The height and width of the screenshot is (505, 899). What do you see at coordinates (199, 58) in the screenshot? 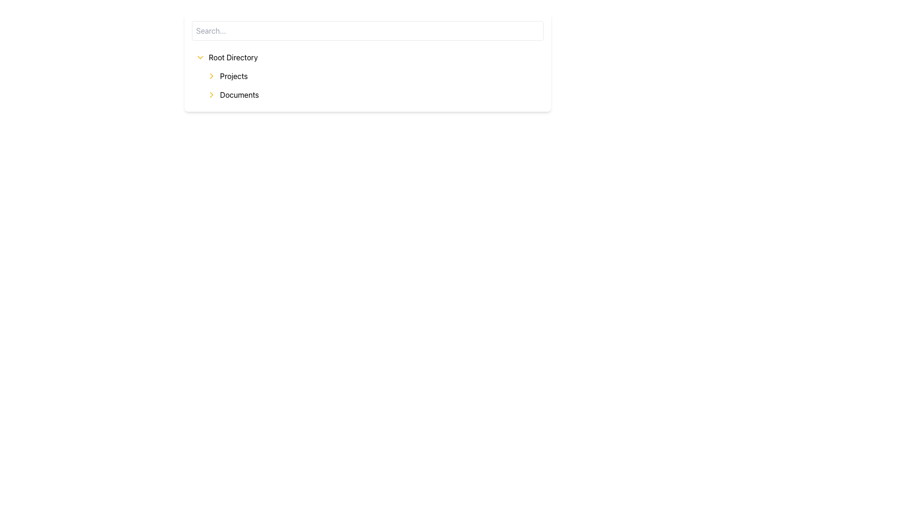
I see `the downward-facing yellow chevron icon located to the left of the 'Root Directory' text` at bounding box center [199, 58].